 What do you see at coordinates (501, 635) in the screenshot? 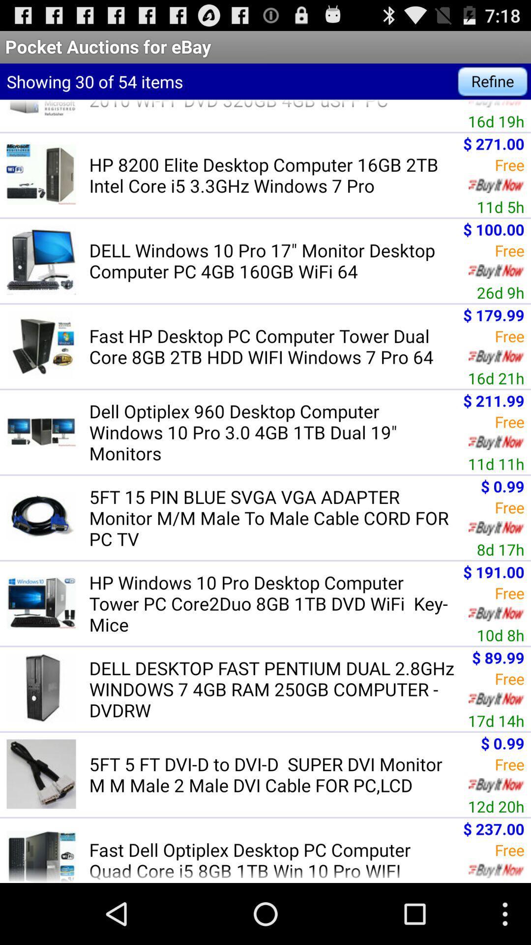
I see `10d 8h icon` at bounding box center [501, 635].